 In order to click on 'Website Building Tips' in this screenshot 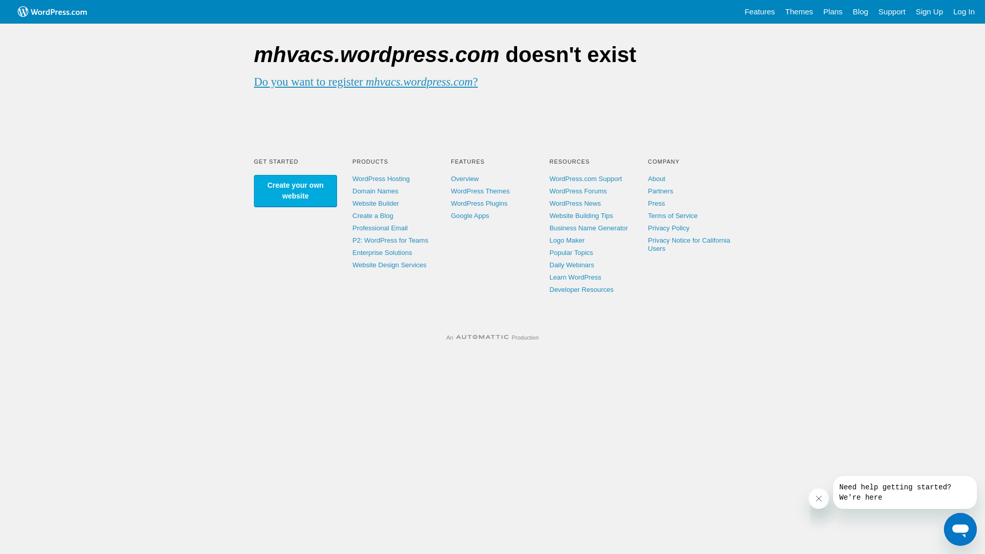, I will do `click(548, 215)`.